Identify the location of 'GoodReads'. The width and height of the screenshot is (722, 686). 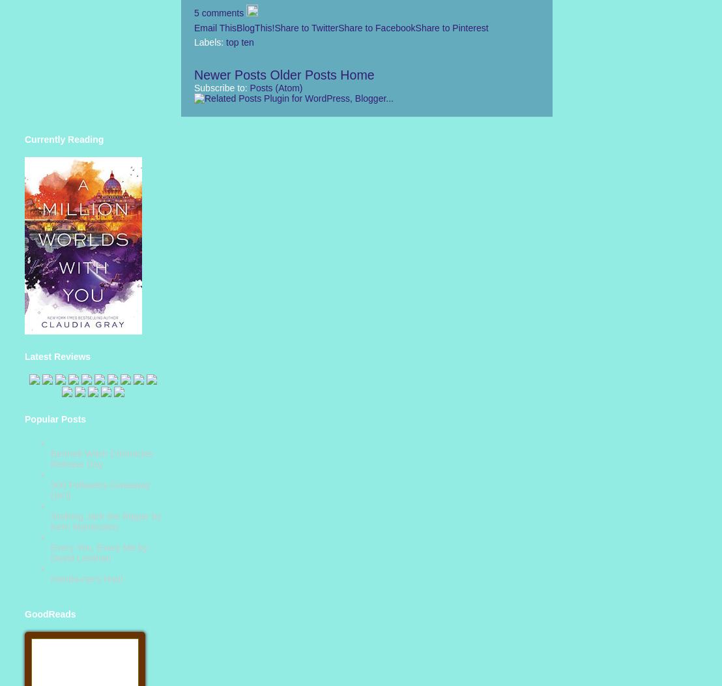
(50, 613).